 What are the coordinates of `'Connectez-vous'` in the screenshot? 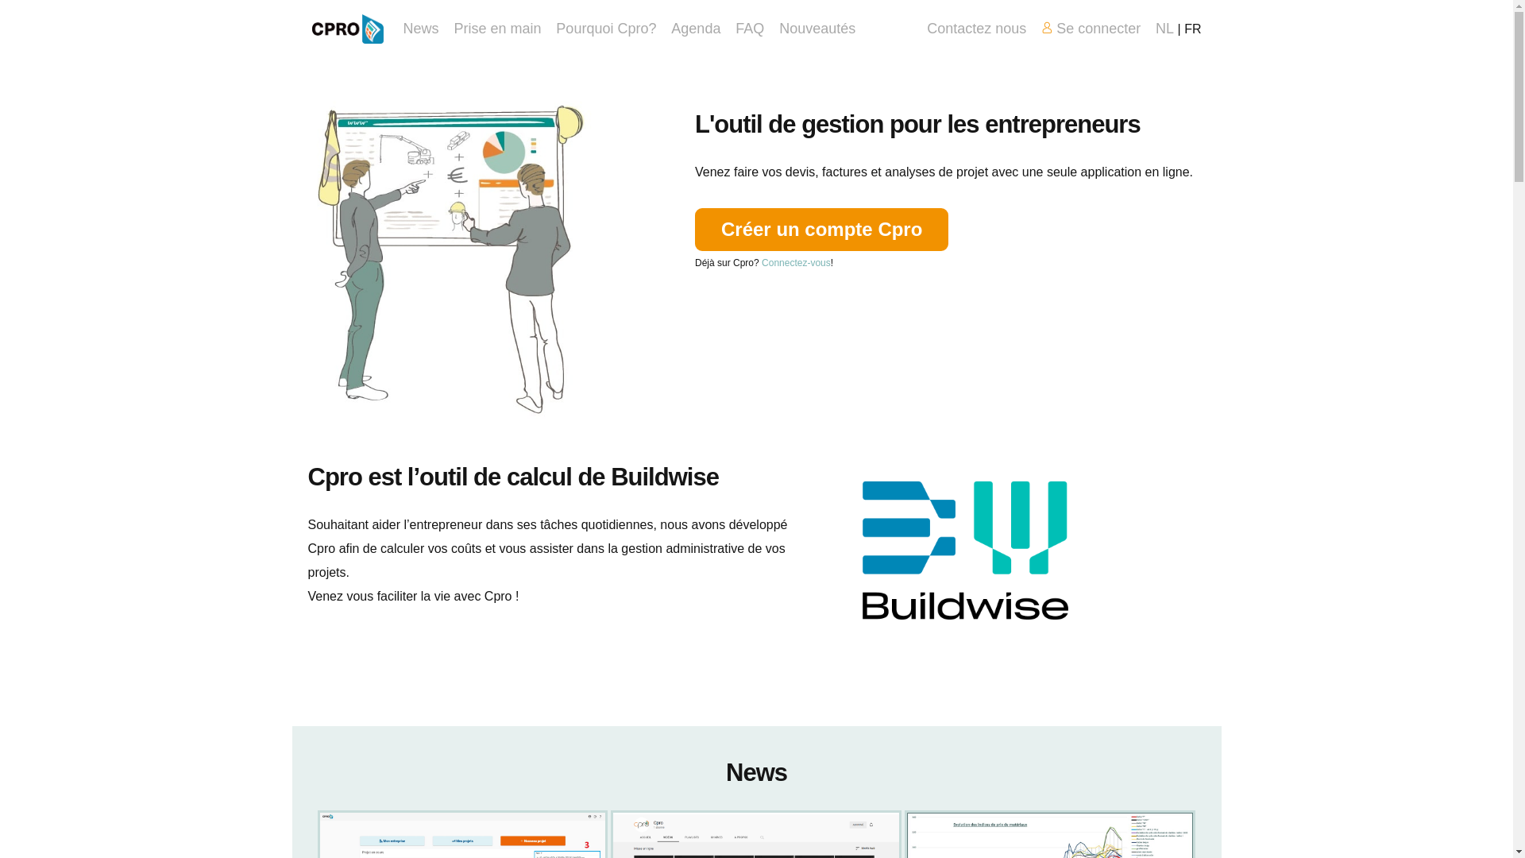 It's located at (761, 262).